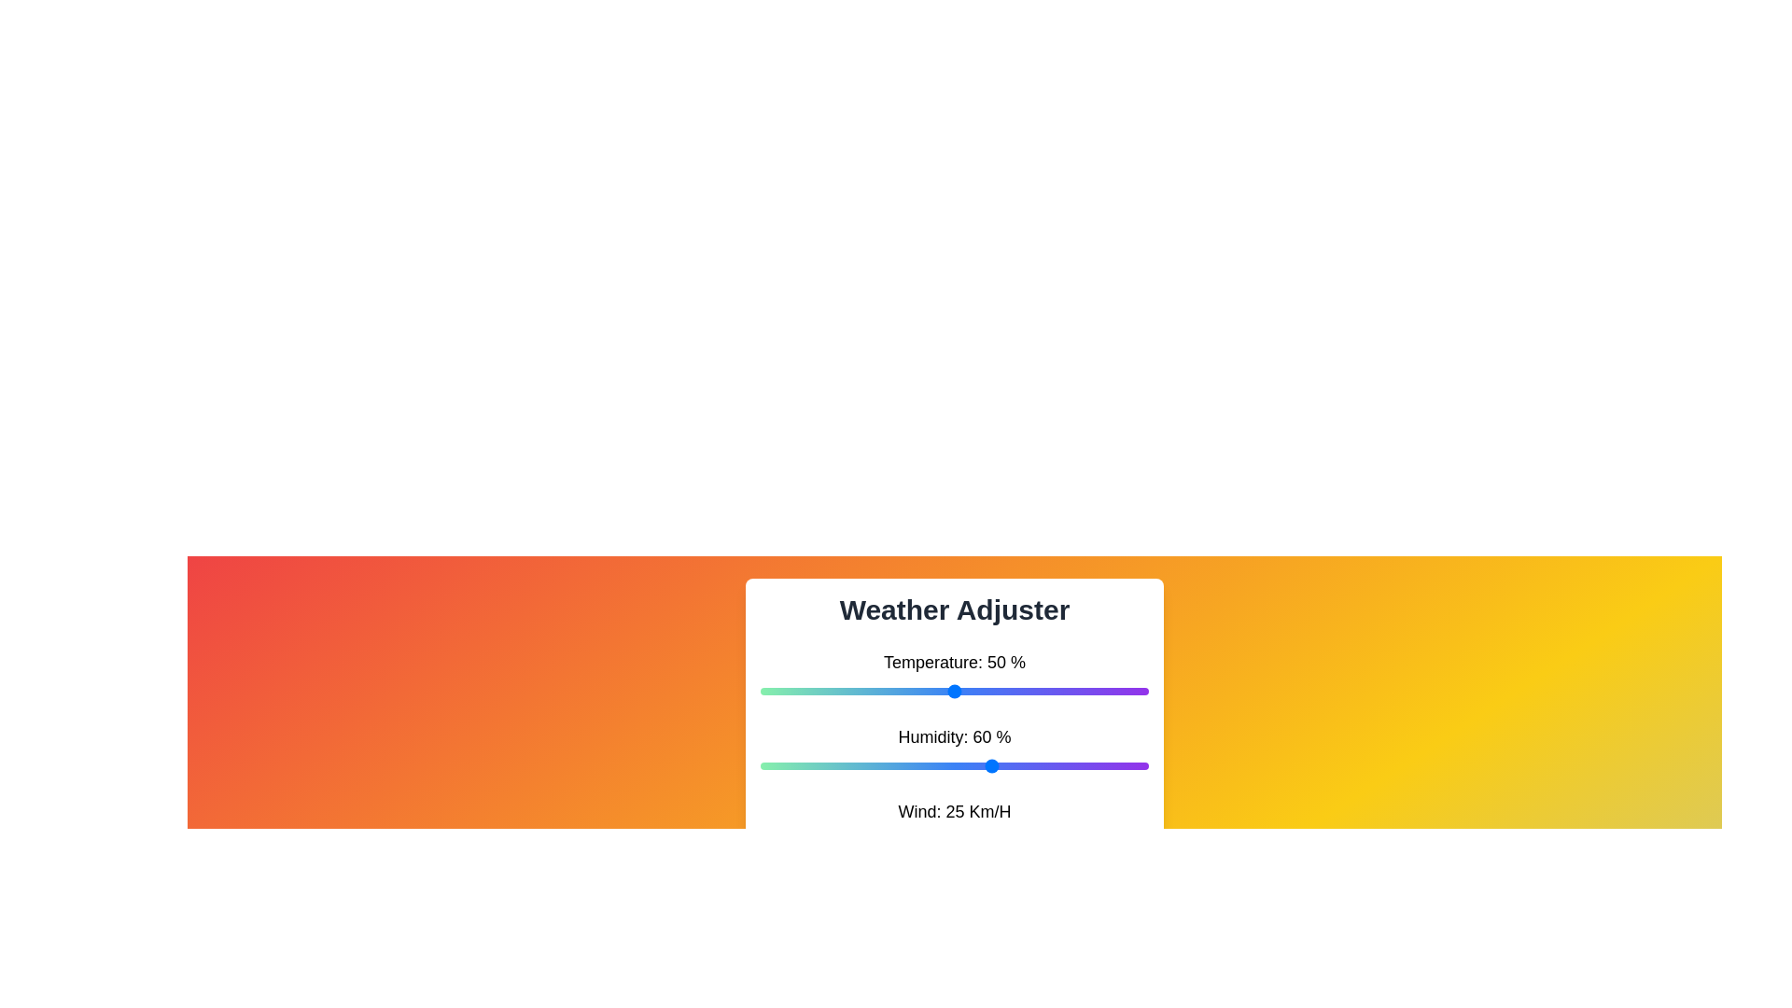  I want to click on the wind speed to 44 km/h by adjusting the slider, so click(931, 841).